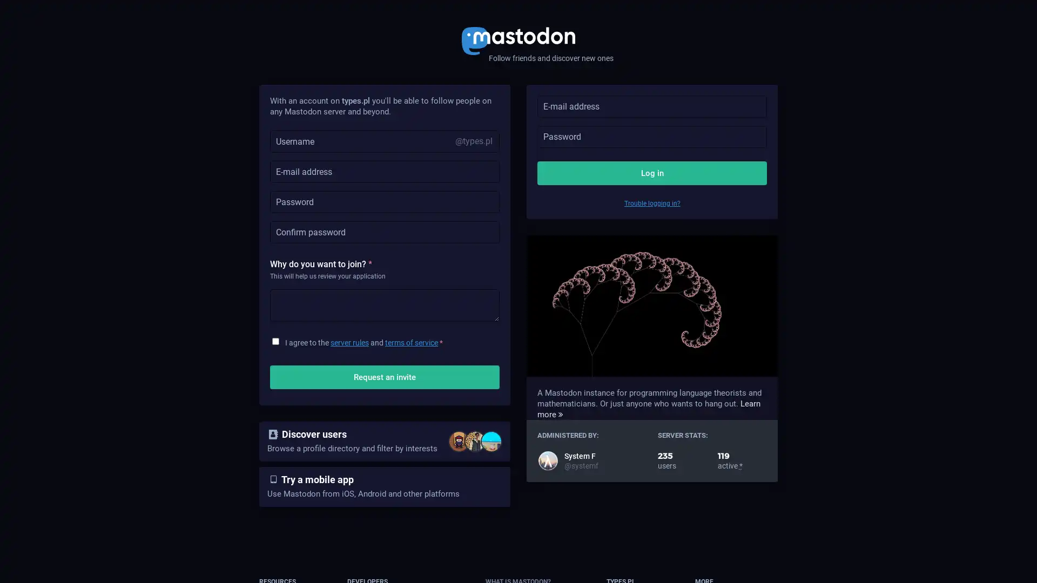  What do you see at coordinates (385, 376) in the screenshot?
I see `Request an invite` at bounding box center [385, 376].